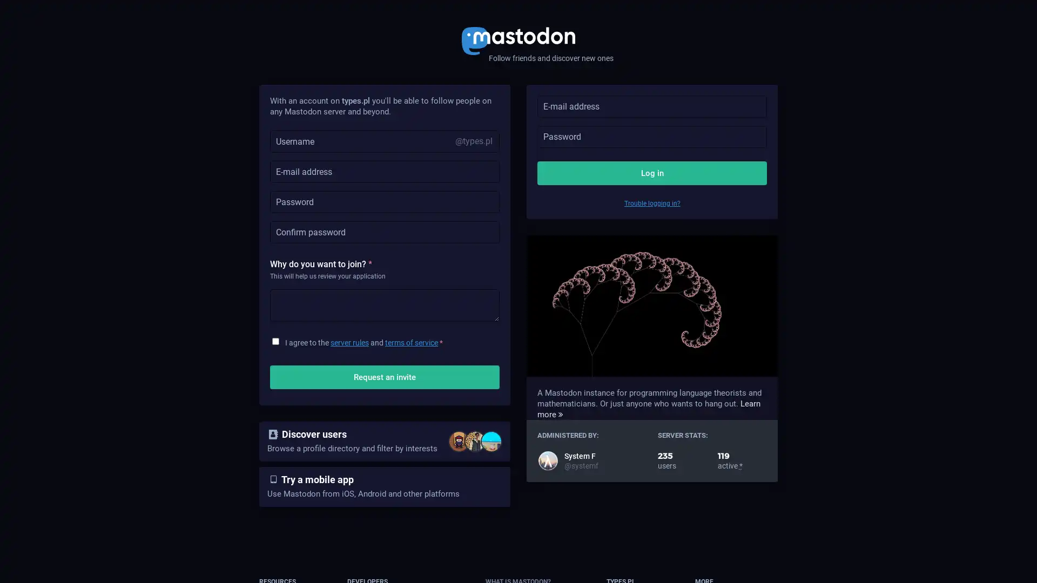  What do you see at coordinates (385, 376) in the screenshot?
I see `Request an invite` at bounding box center [385, 376].